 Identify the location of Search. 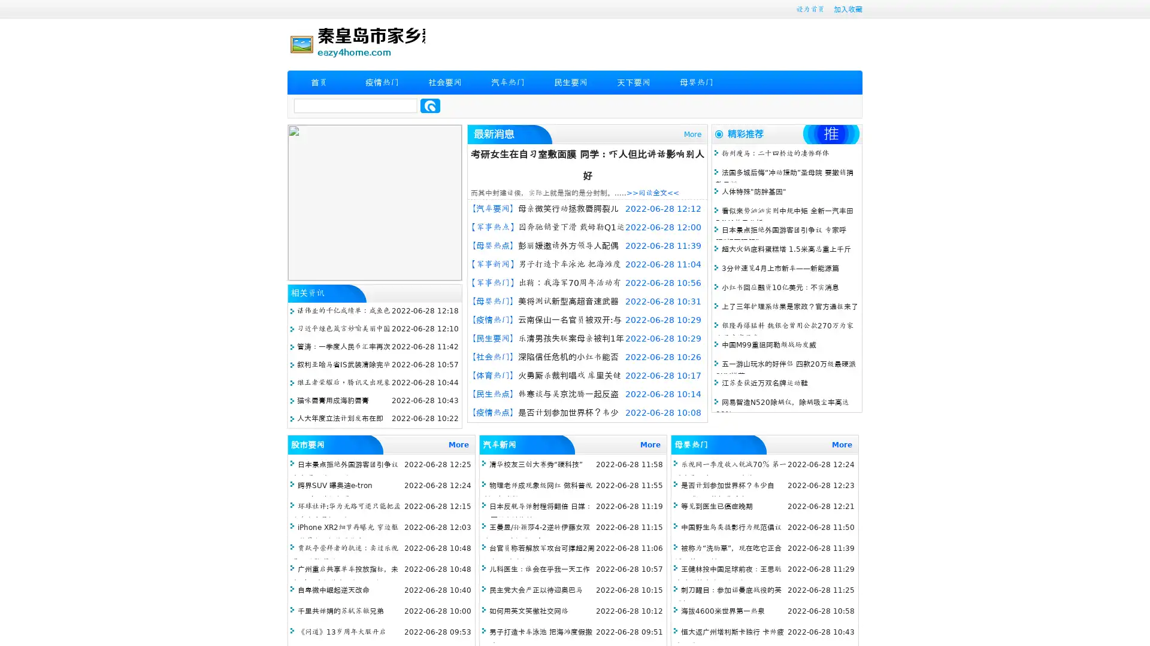
(430, 105).